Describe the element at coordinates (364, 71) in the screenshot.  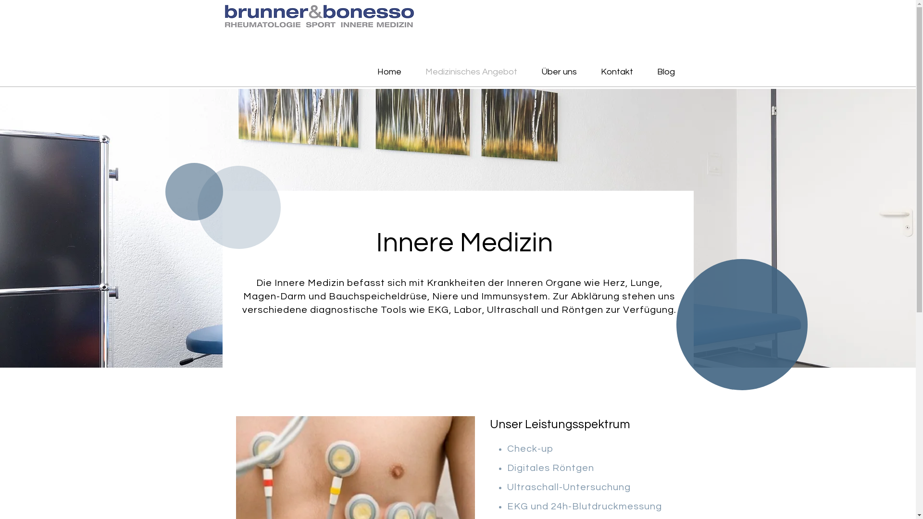
I see `'Home'` at that location.